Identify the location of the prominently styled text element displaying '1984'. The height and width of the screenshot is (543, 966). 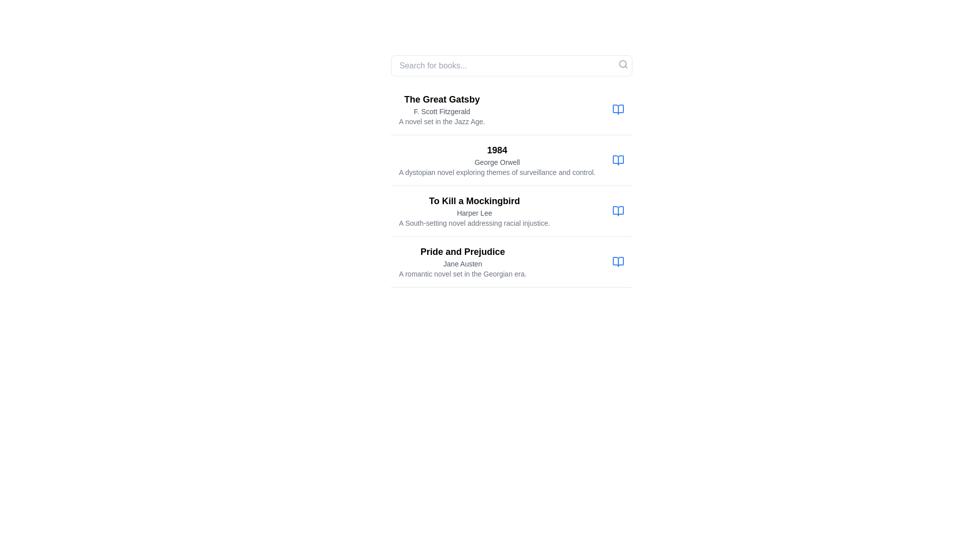
(497, 150).